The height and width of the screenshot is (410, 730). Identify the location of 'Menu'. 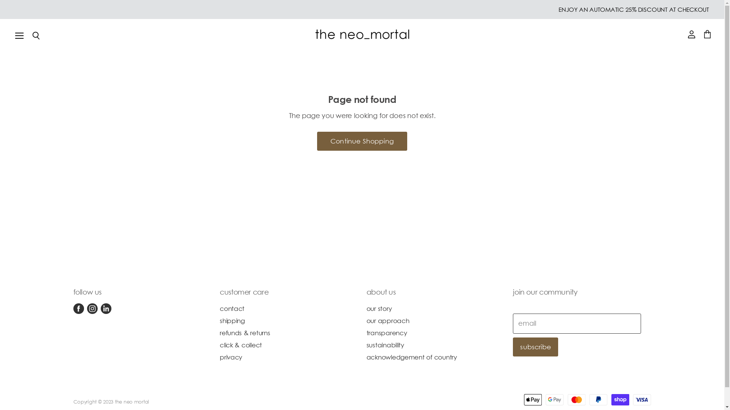
(19, 35).